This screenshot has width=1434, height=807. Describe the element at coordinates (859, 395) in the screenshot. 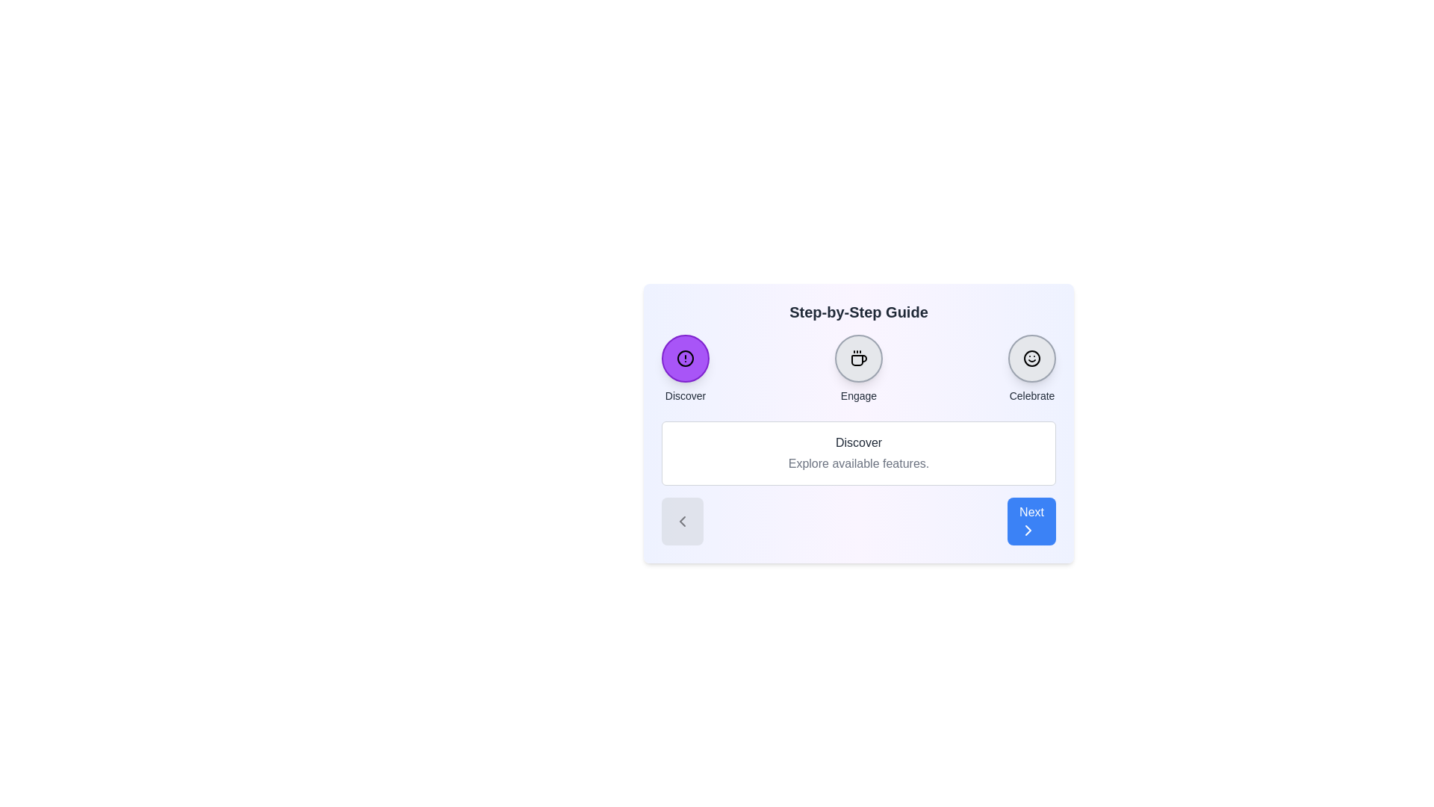

I see `the text label displaying 'Engage', which is styled in grayish-black color and located directly beneath the coffee-themed circular icon` at that location.